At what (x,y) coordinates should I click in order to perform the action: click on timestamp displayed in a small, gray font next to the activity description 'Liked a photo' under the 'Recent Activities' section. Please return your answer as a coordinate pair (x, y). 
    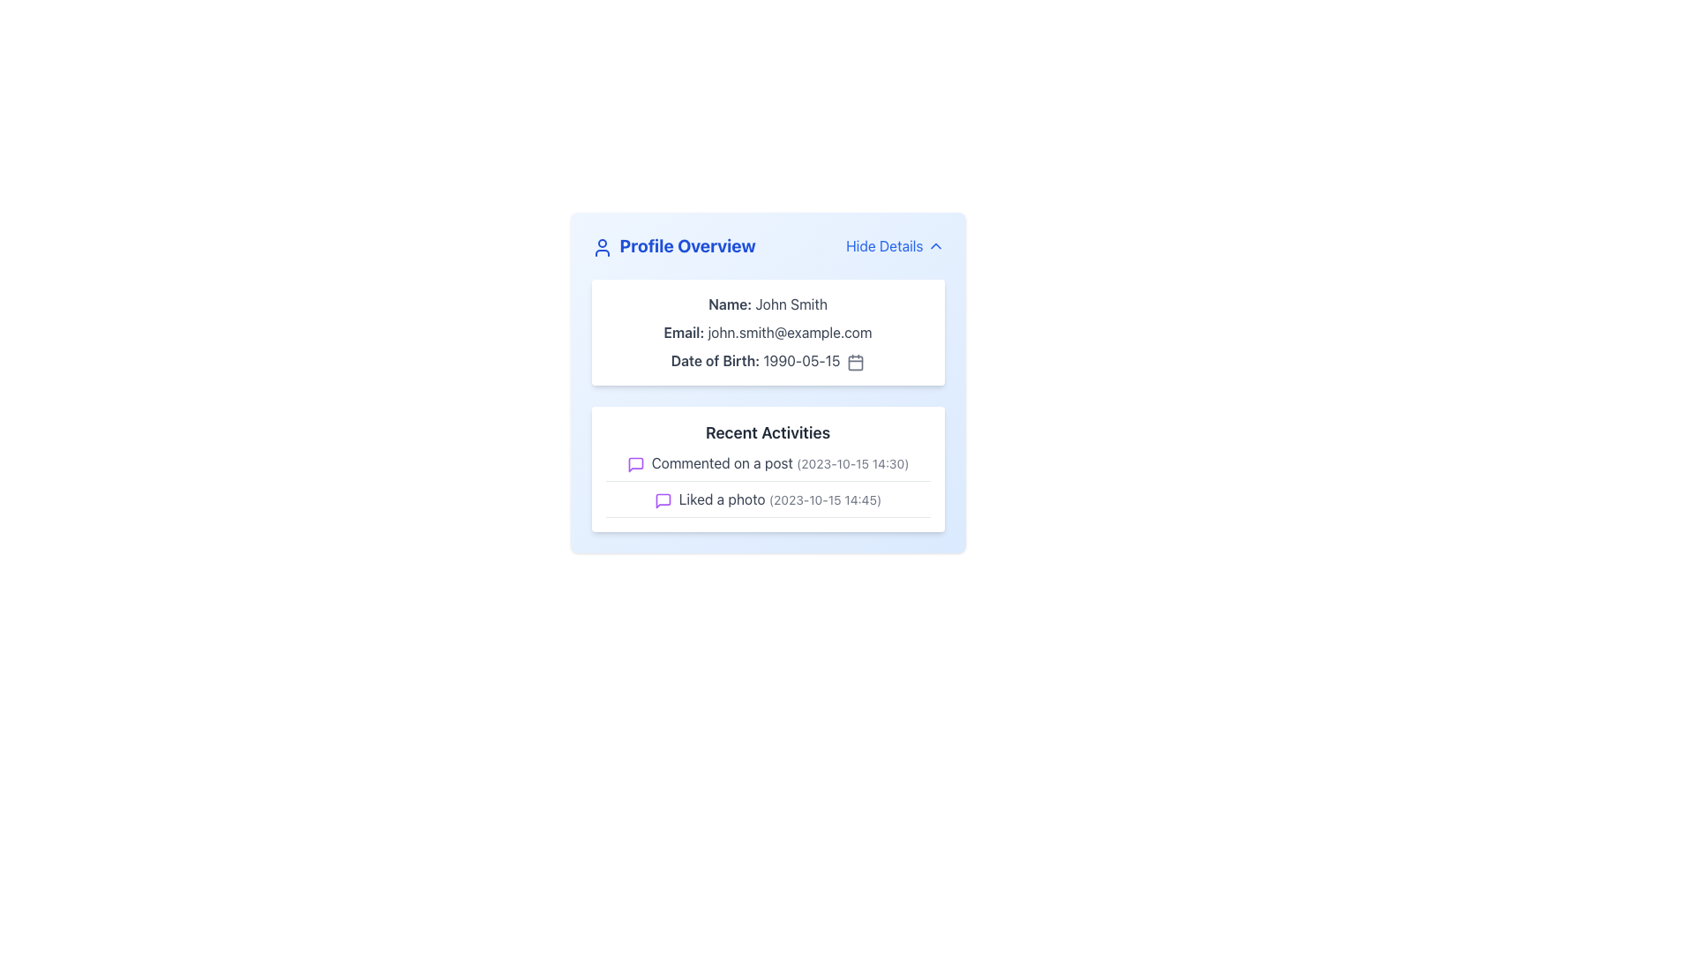
    Looking at the image, I should click on (824, 499).